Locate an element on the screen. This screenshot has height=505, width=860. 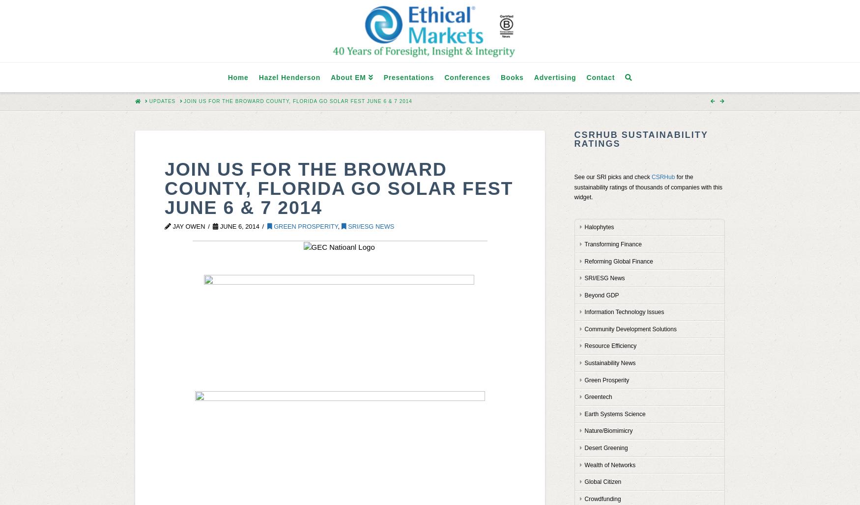
'Jay Owen' is located at coordinates (187, 226).